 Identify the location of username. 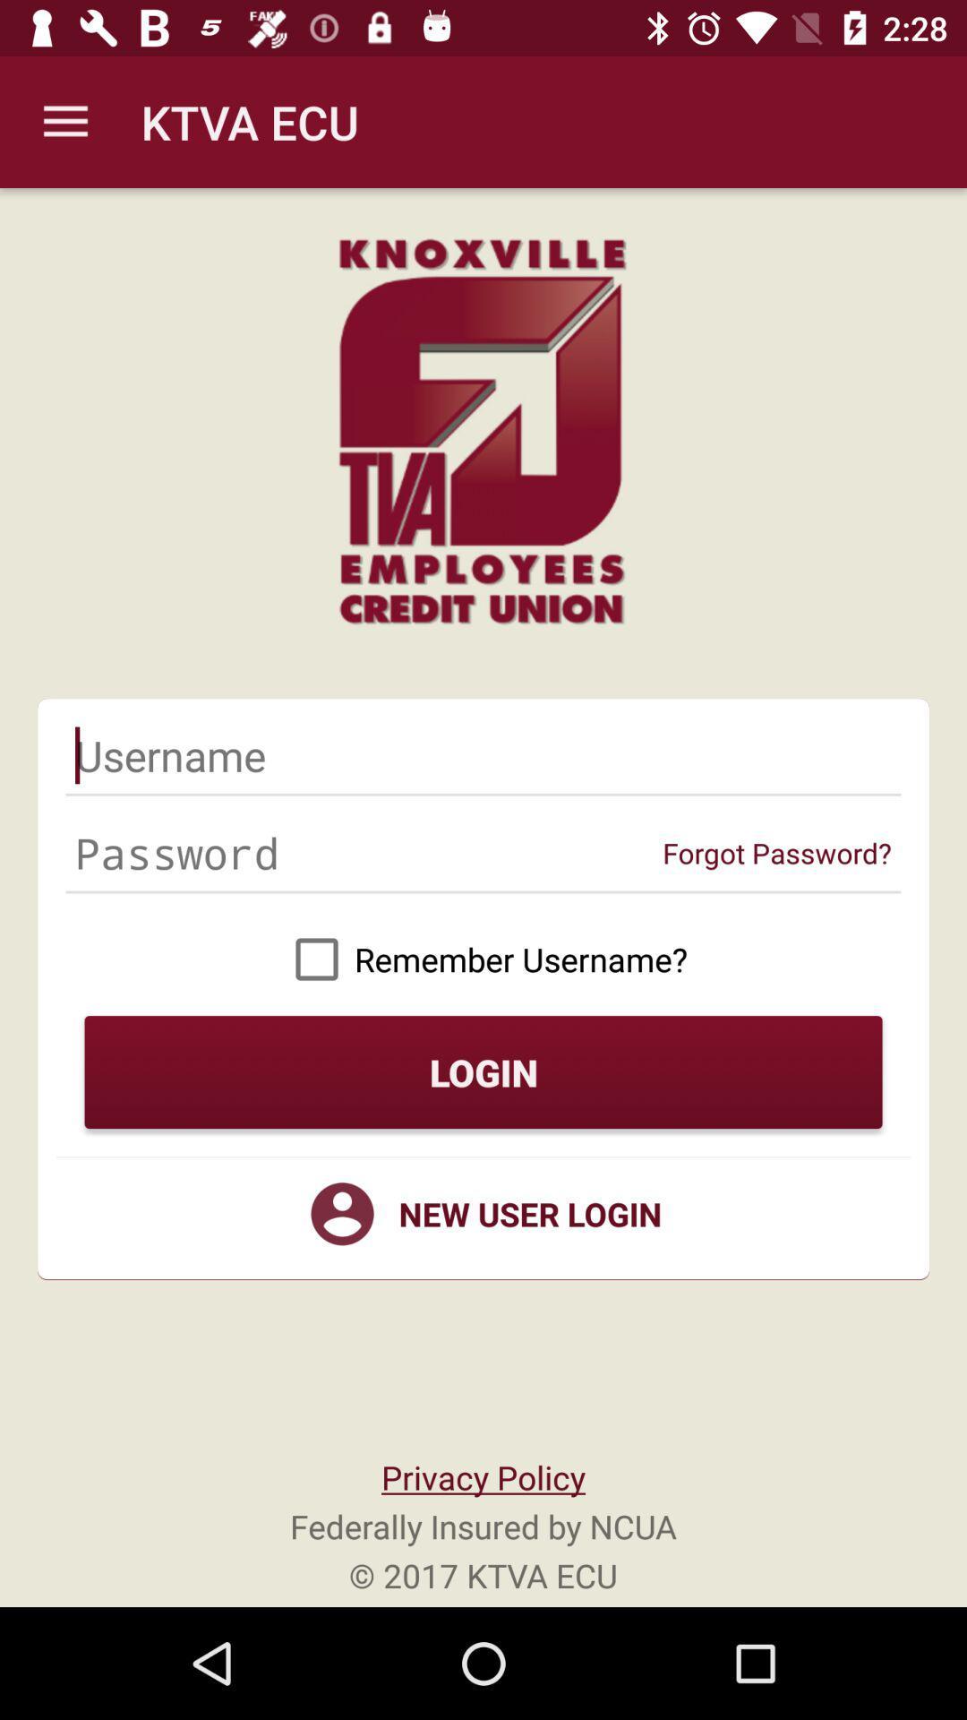
(483, 755).